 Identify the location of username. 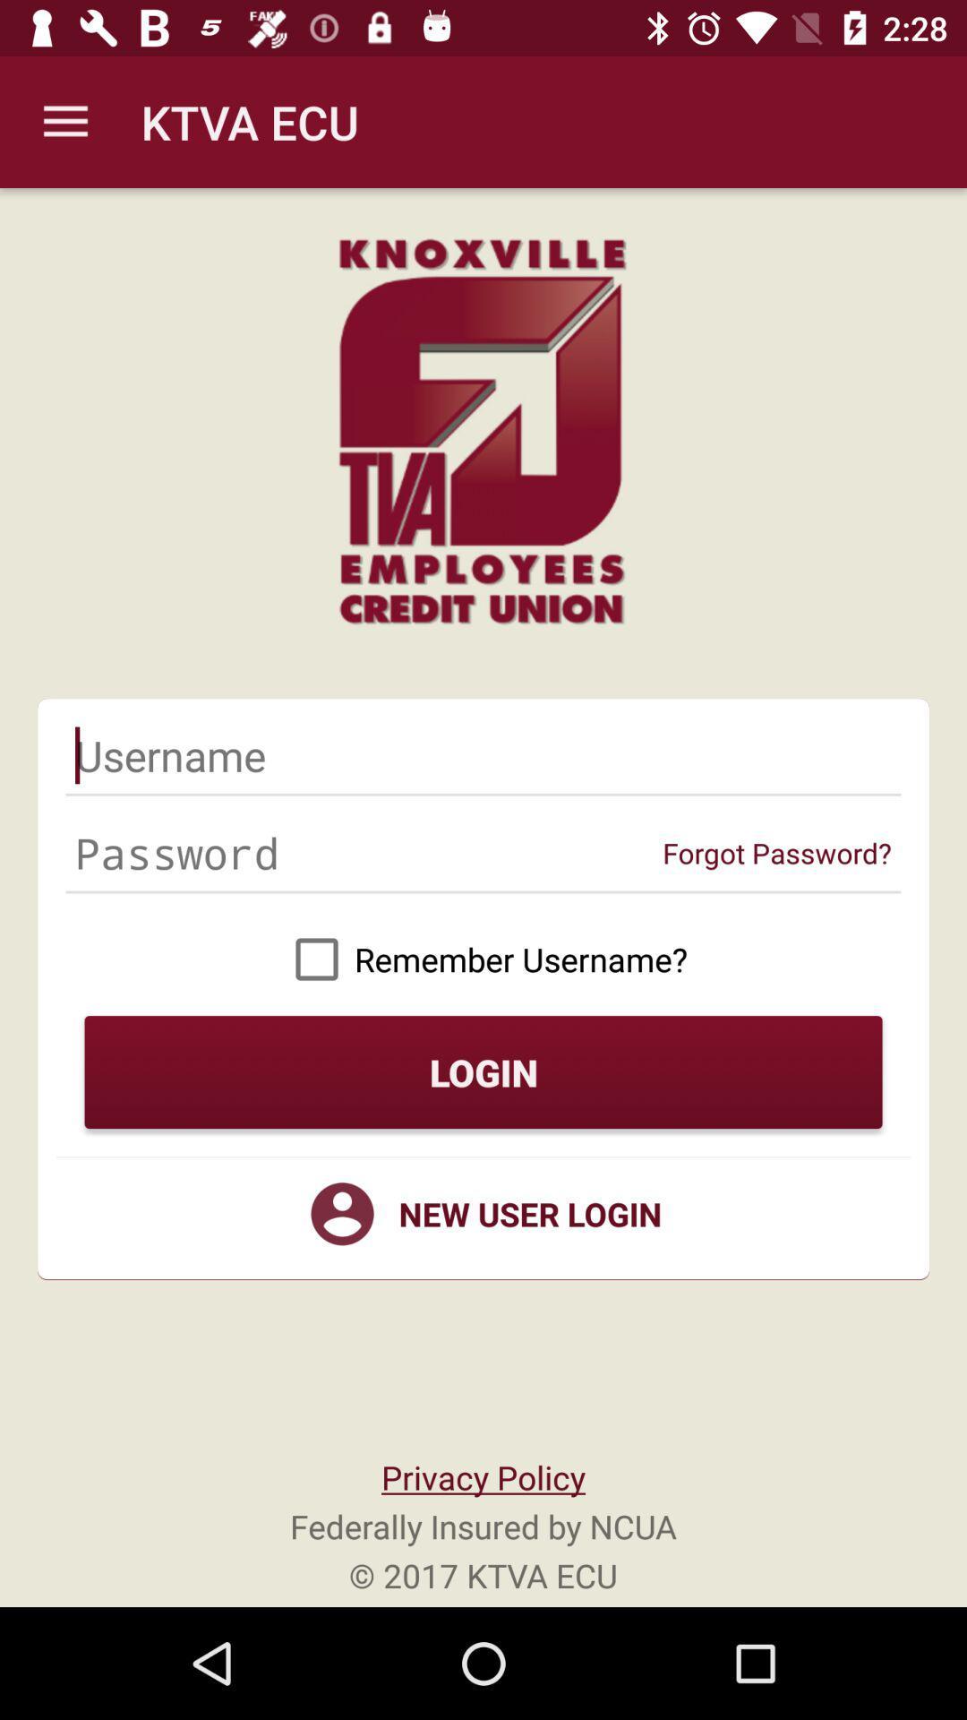
(483, 755).